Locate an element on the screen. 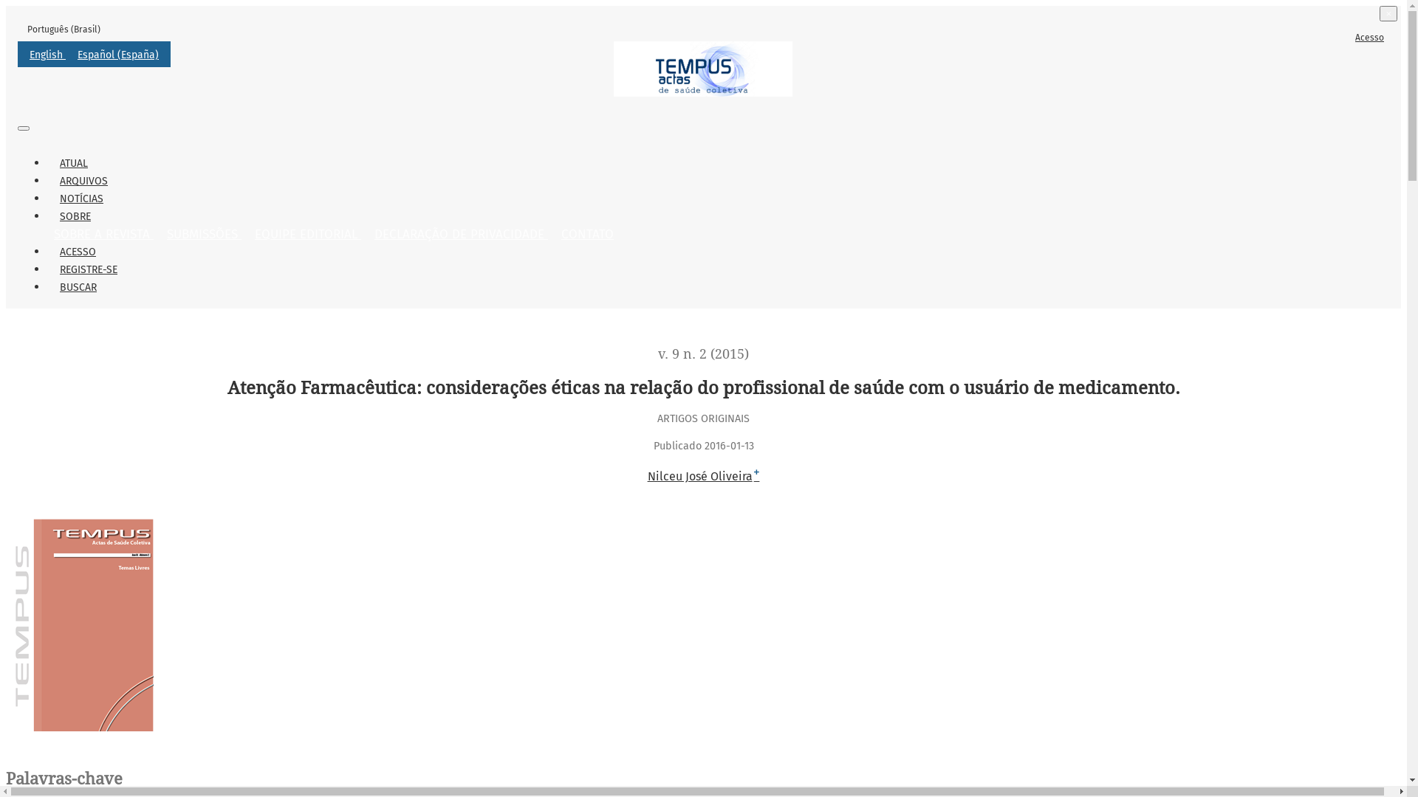 This screenshot has width=1418, height=797. 'Acesso' is located at coordinates (1369, 36).